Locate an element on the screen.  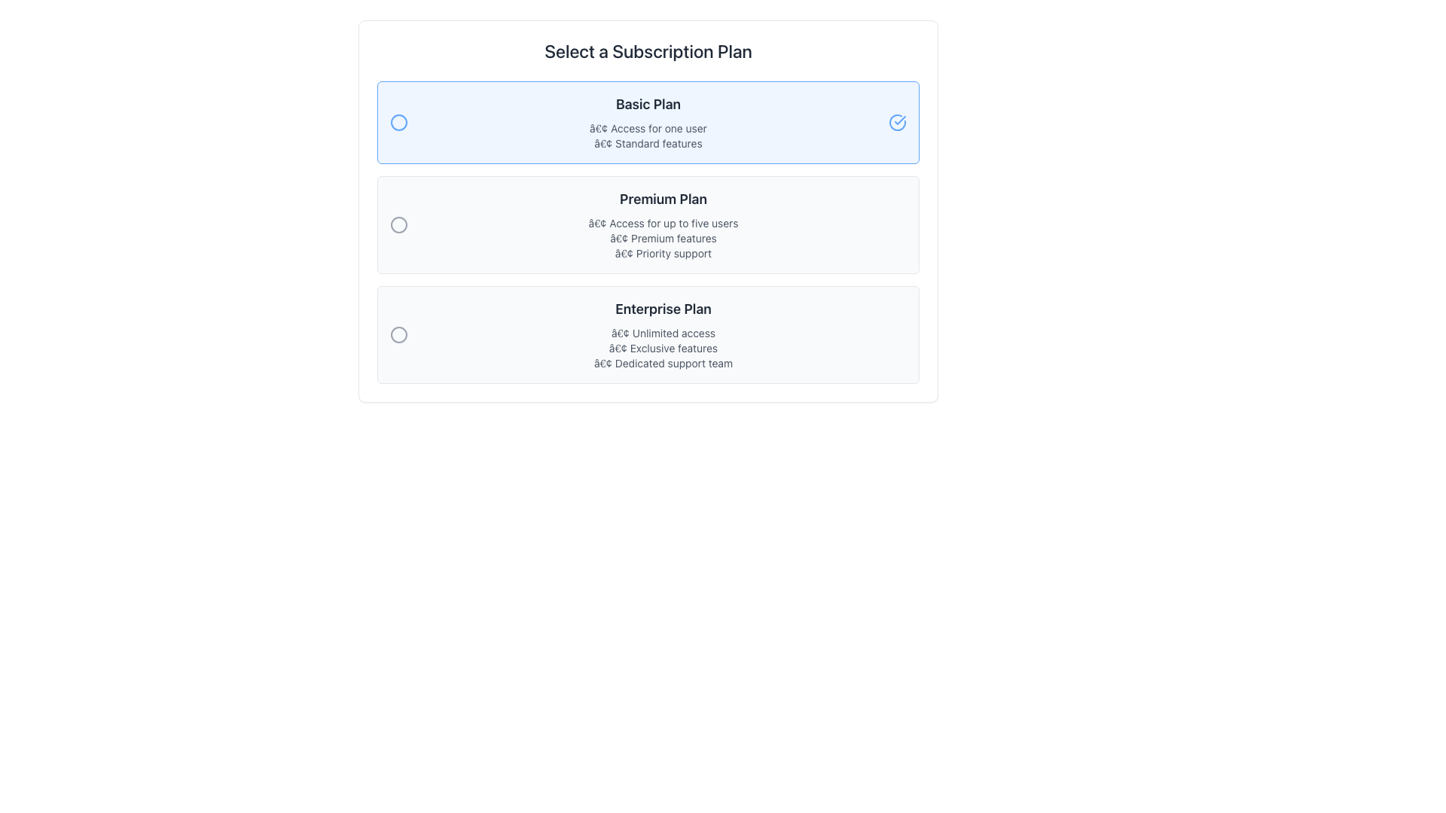
static text element displaying '• Standard features', which is the second bullet point in the 'Basic Plan' box, located below '• Access for one user' is located at coordinates (648, 144).